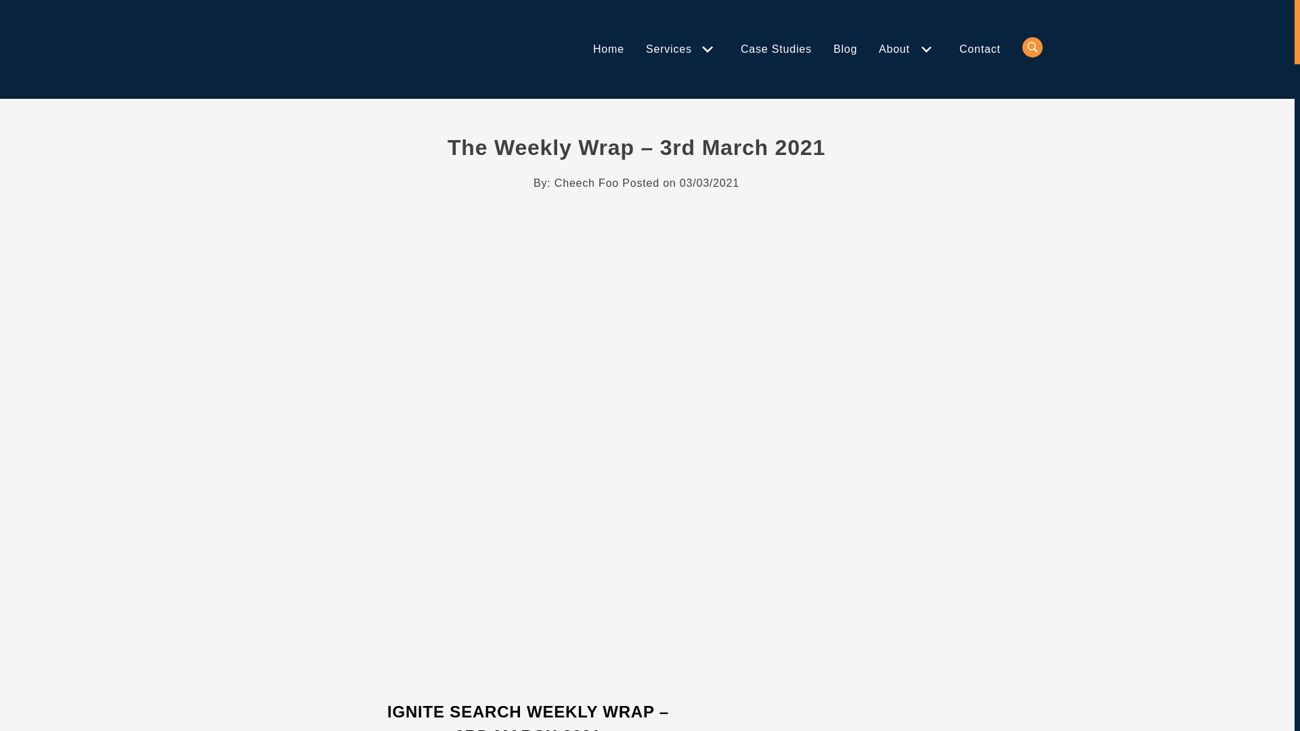 The height and width of the screenshot is (731, 1300). I want to click on '03/03/2021', so click(708, 183).